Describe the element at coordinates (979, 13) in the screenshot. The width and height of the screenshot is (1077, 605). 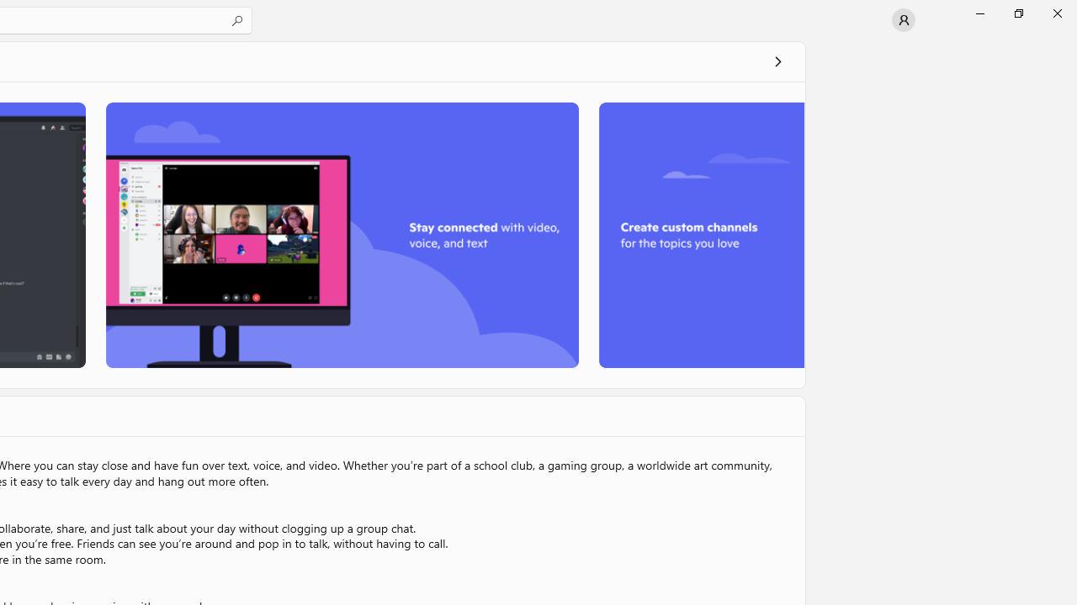
I see `'Minimize Microsoft Store'` at that location.